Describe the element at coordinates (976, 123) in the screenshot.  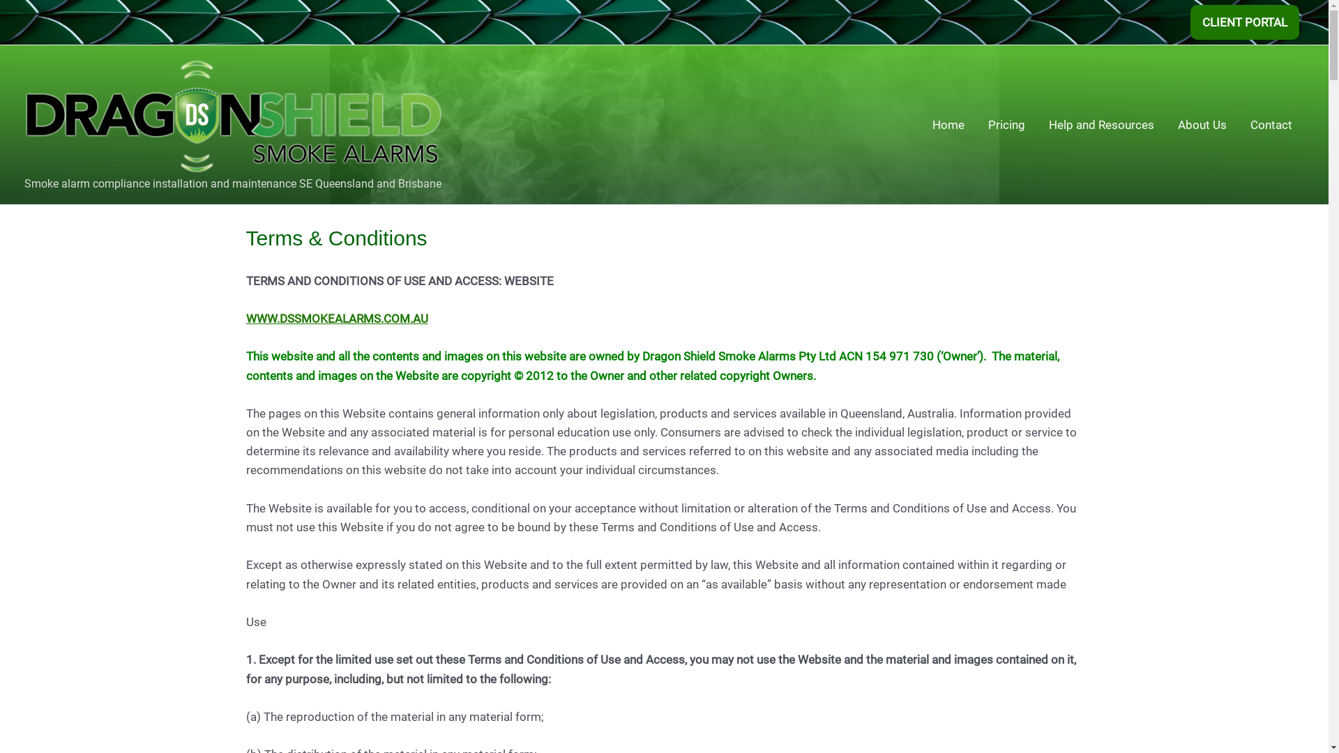
I see `'Pricing'` at that location.